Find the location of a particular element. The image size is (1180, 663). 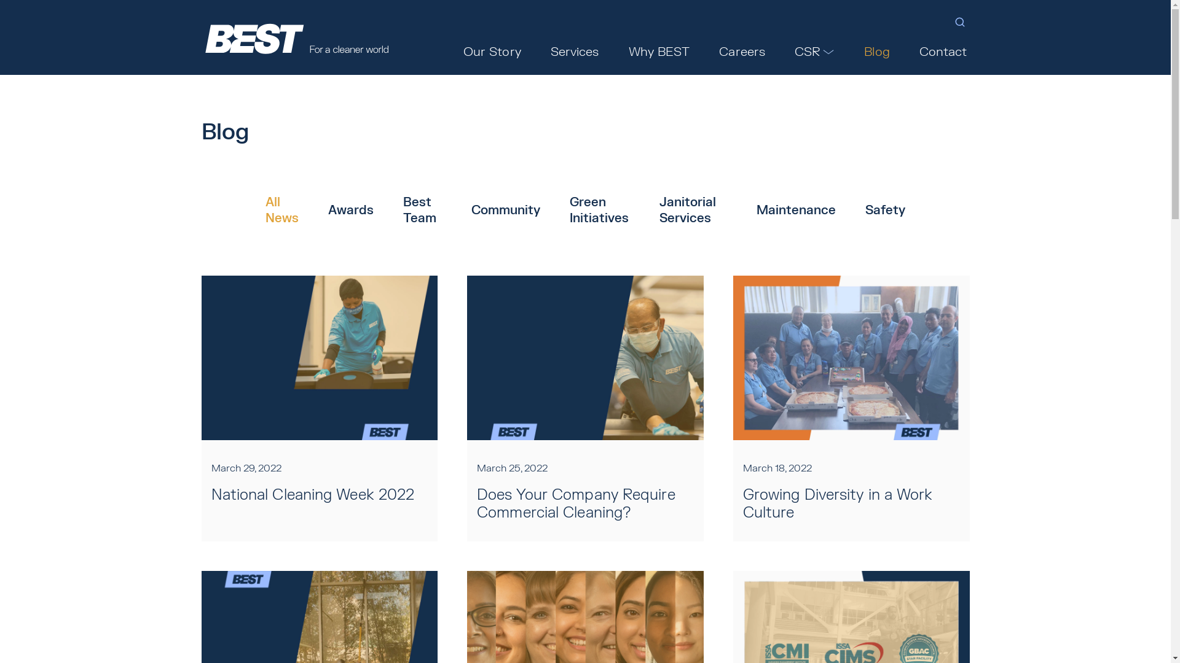

'Green Initiatives' is located at coordinates (599, 210).